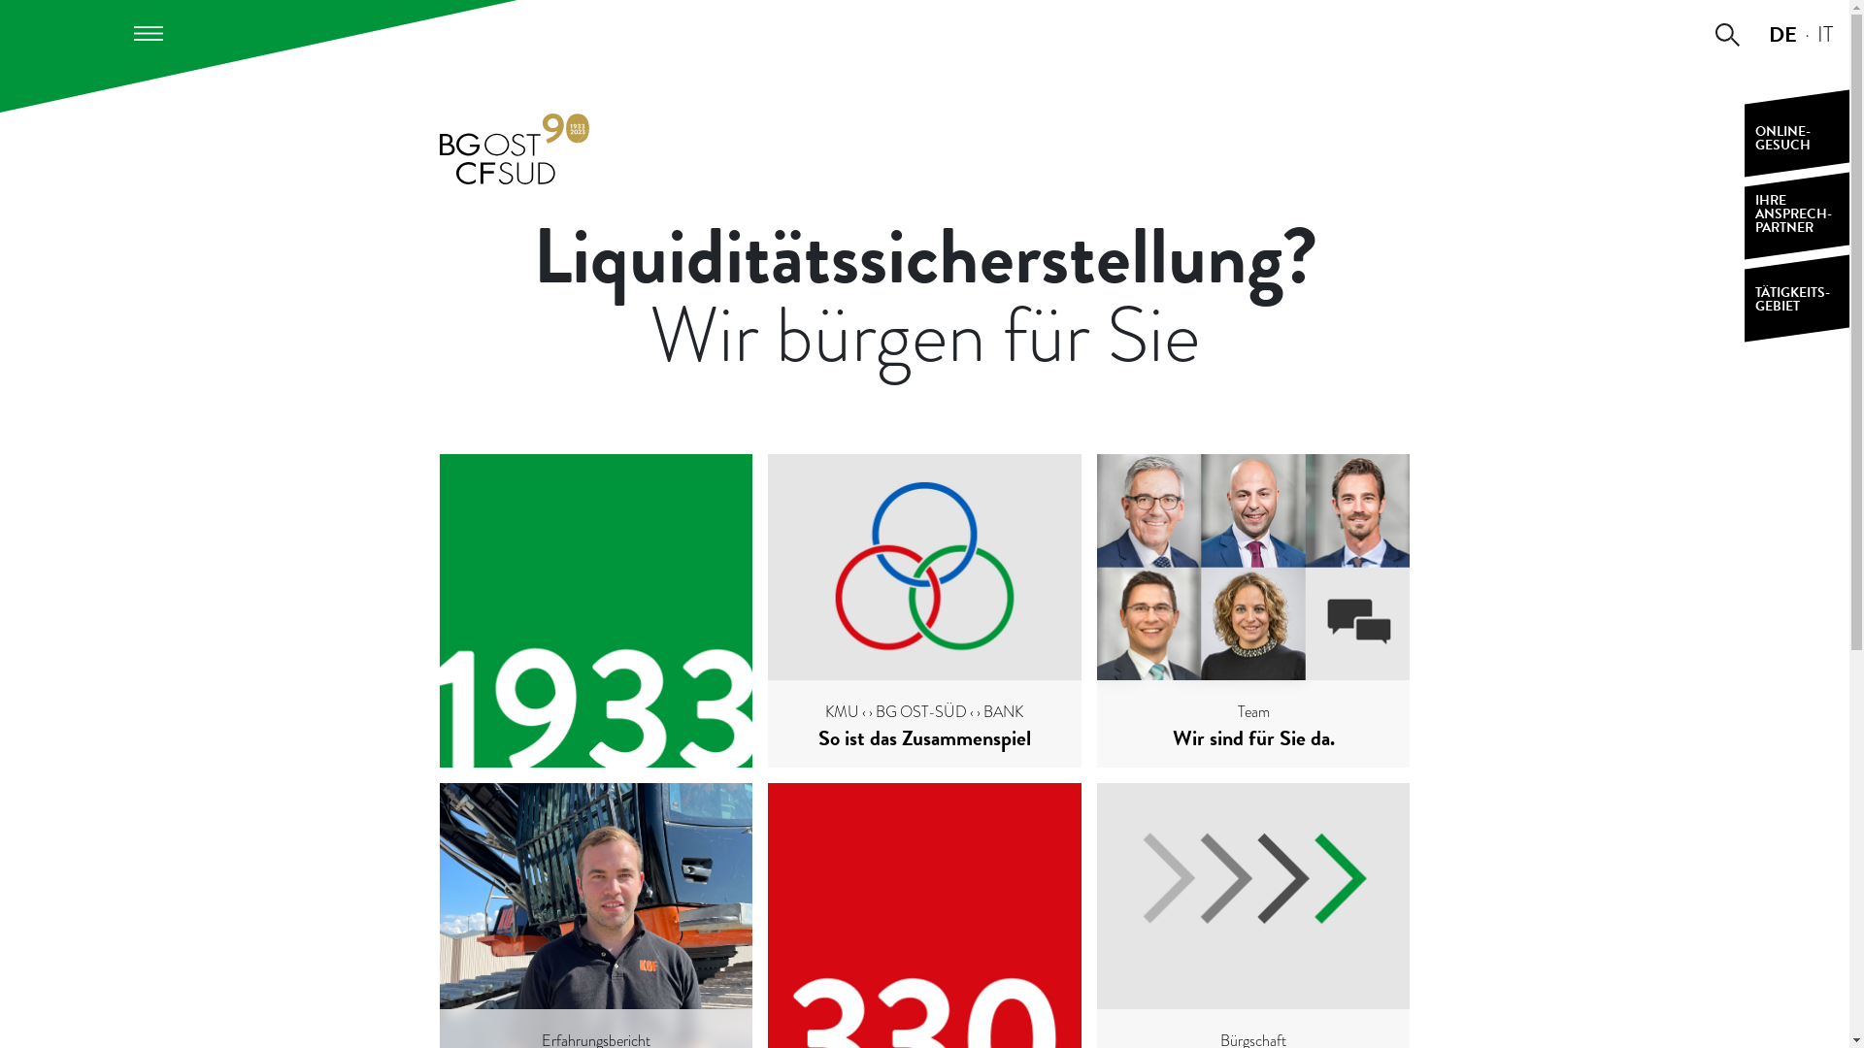  Describe the element at coordinates (1782, 33) in the screenshot. I see `'DE'` at that location.